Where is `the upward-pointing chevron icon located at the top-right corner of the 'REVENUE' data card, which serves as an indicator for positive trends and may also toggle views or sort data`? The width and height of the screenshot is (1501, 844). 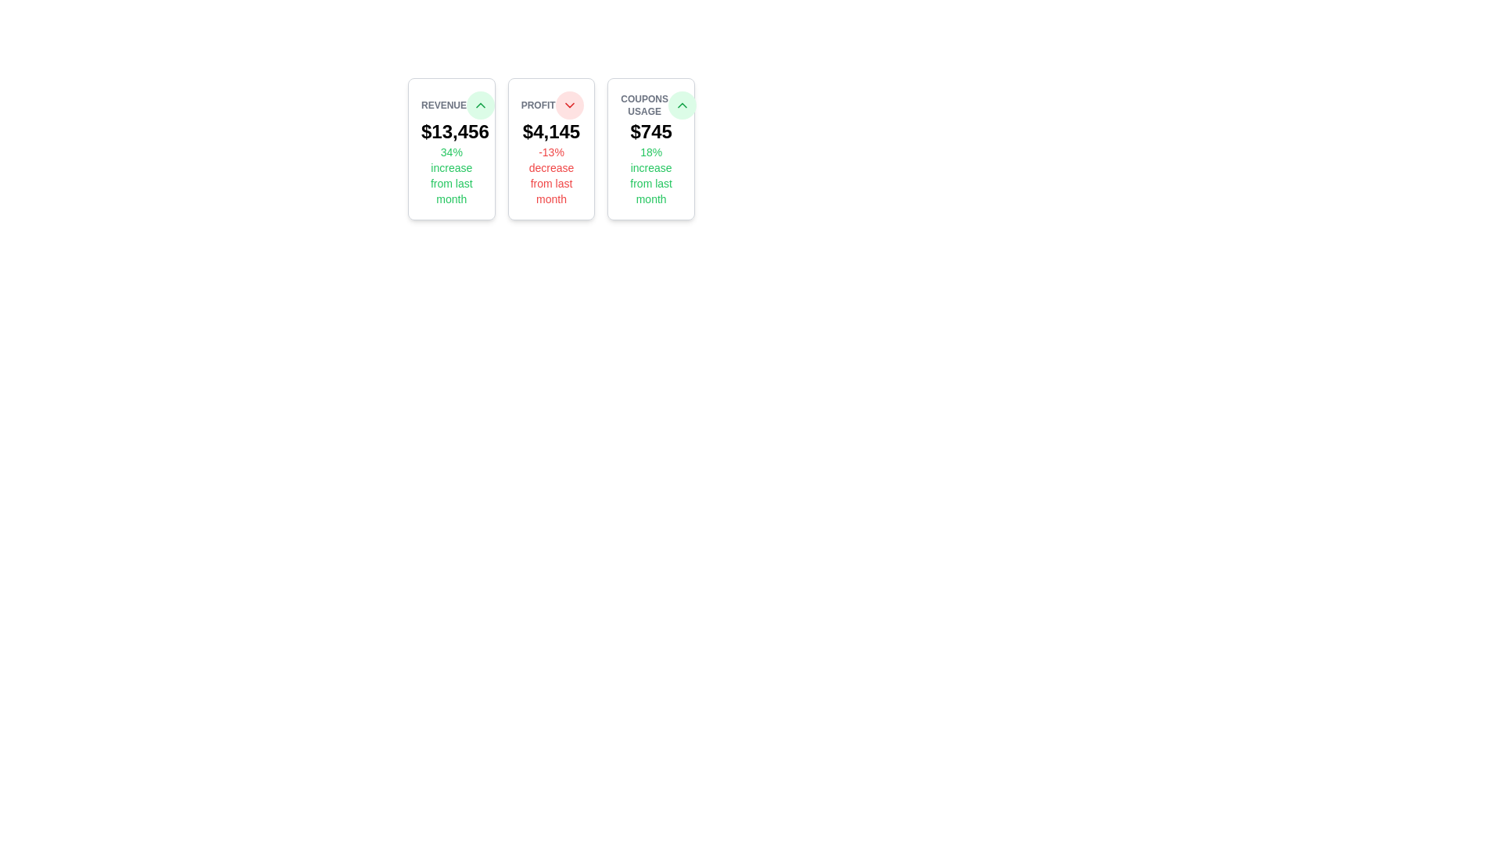
the upward-pointing chevron icon located at the top-right corner of the 'REVENUE' data card, which serves as an indicator for positive trends and may also toggle views or sort data is located at coordinates (479, 105).